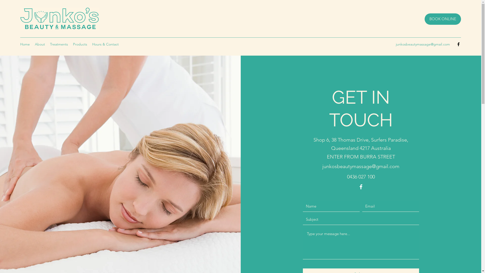  Describe the element at coordinates (32, 44) in the screenshot. I see `'About'` at that location.